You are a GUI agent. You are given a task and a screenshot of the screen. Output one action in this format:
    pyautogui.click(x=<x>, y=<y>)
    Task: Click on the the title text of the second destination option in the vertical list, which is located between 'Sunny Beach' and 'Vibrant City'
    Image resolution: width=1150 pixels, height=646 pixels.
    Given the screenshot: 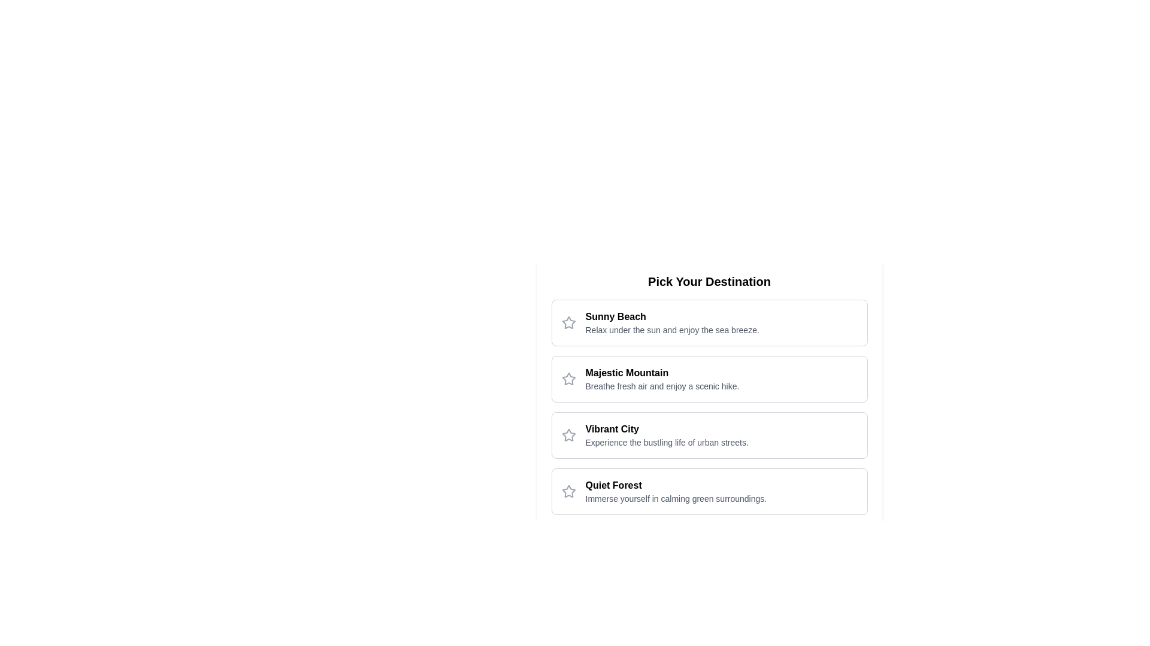 What is the action you would take?
    pyautogui.click(x=661, y=373)
    